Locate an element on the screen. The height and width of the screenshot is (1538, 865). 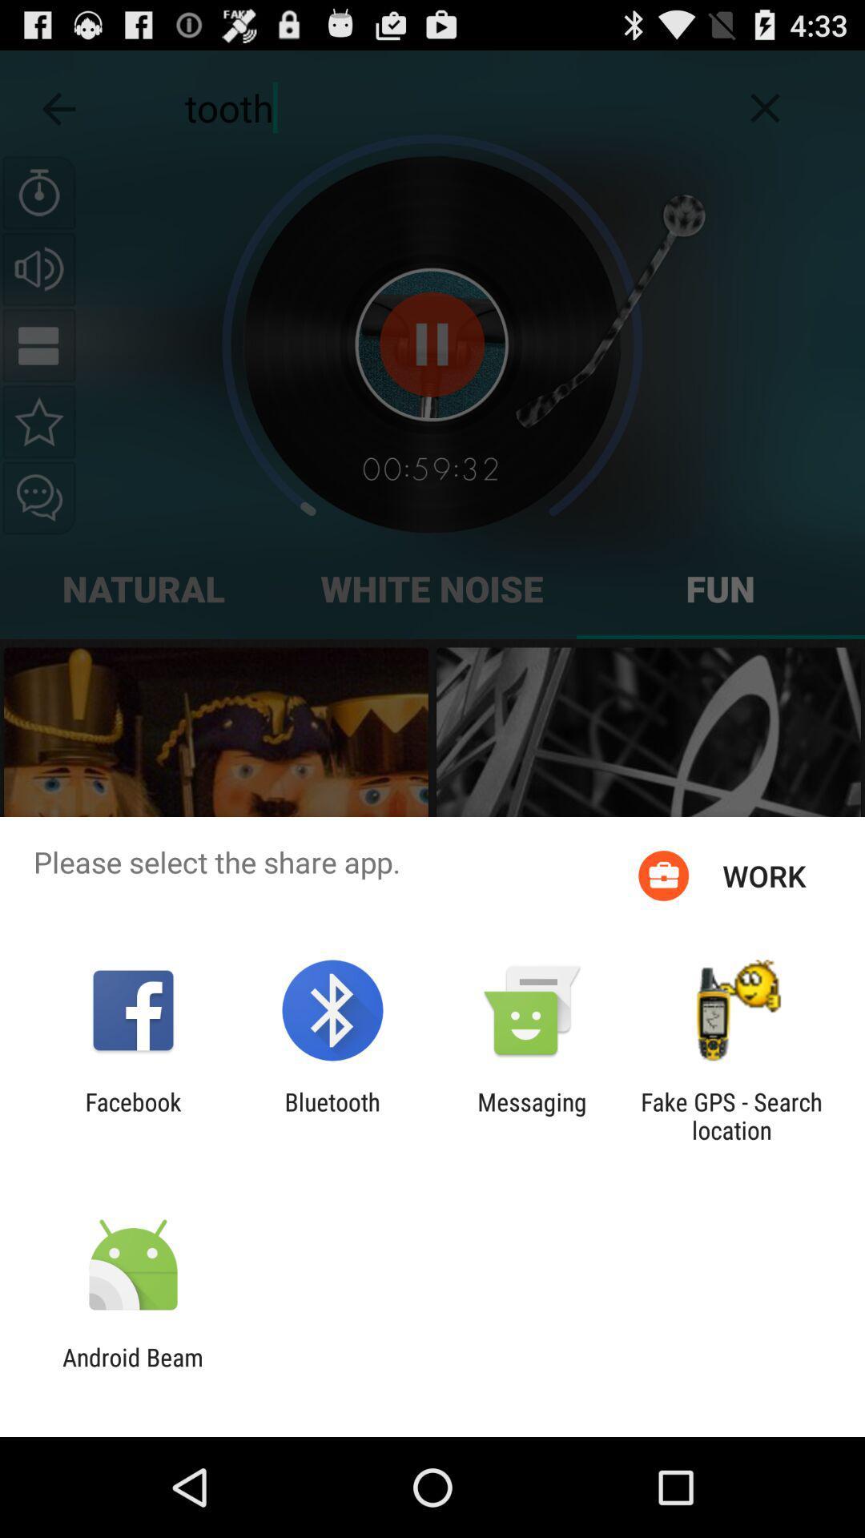
fake gps search app is located at coordinates (731, 1115).